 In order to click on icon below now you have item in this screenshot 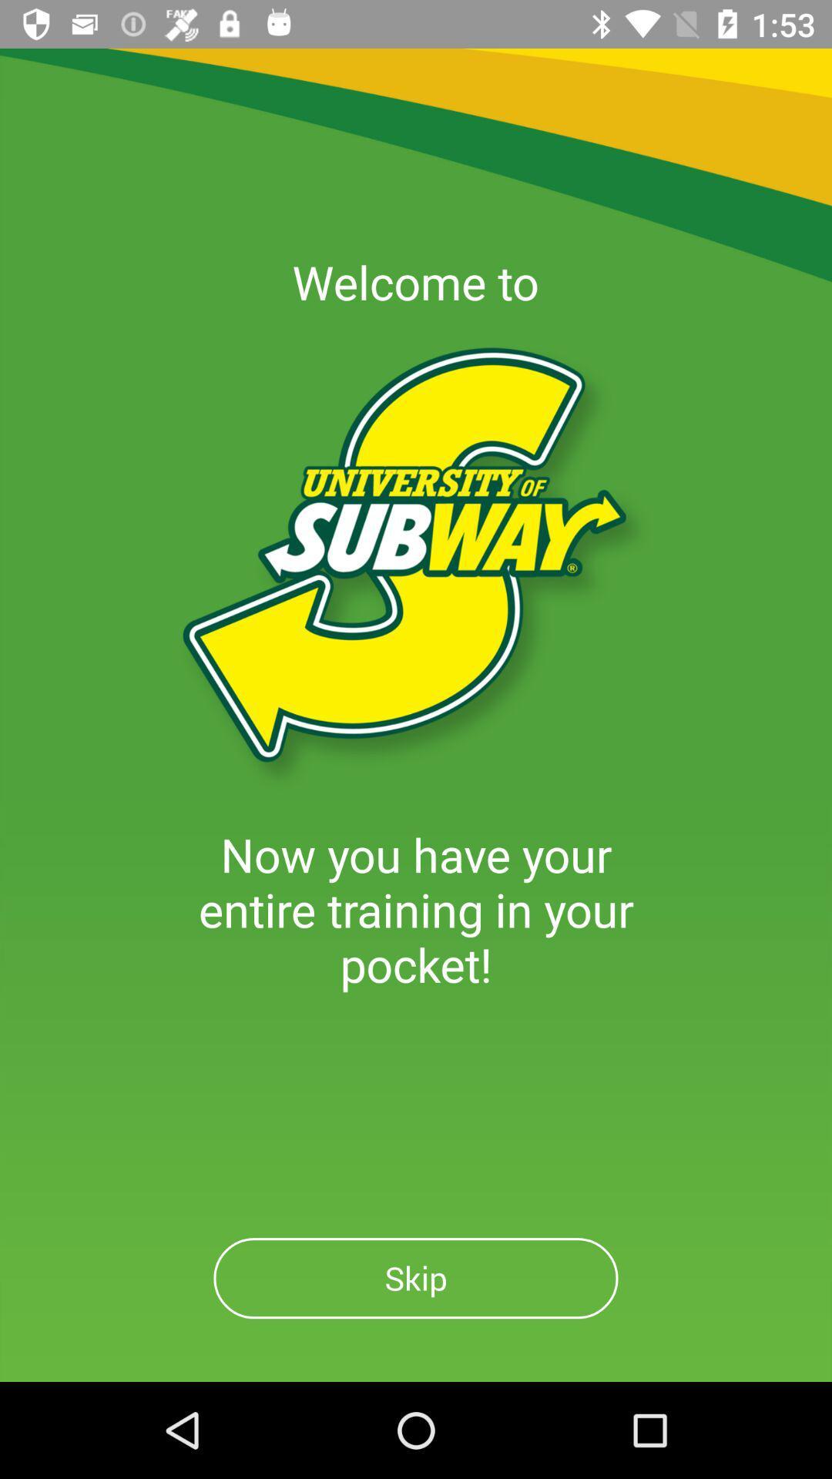, I will do `click(416, 1278)`.